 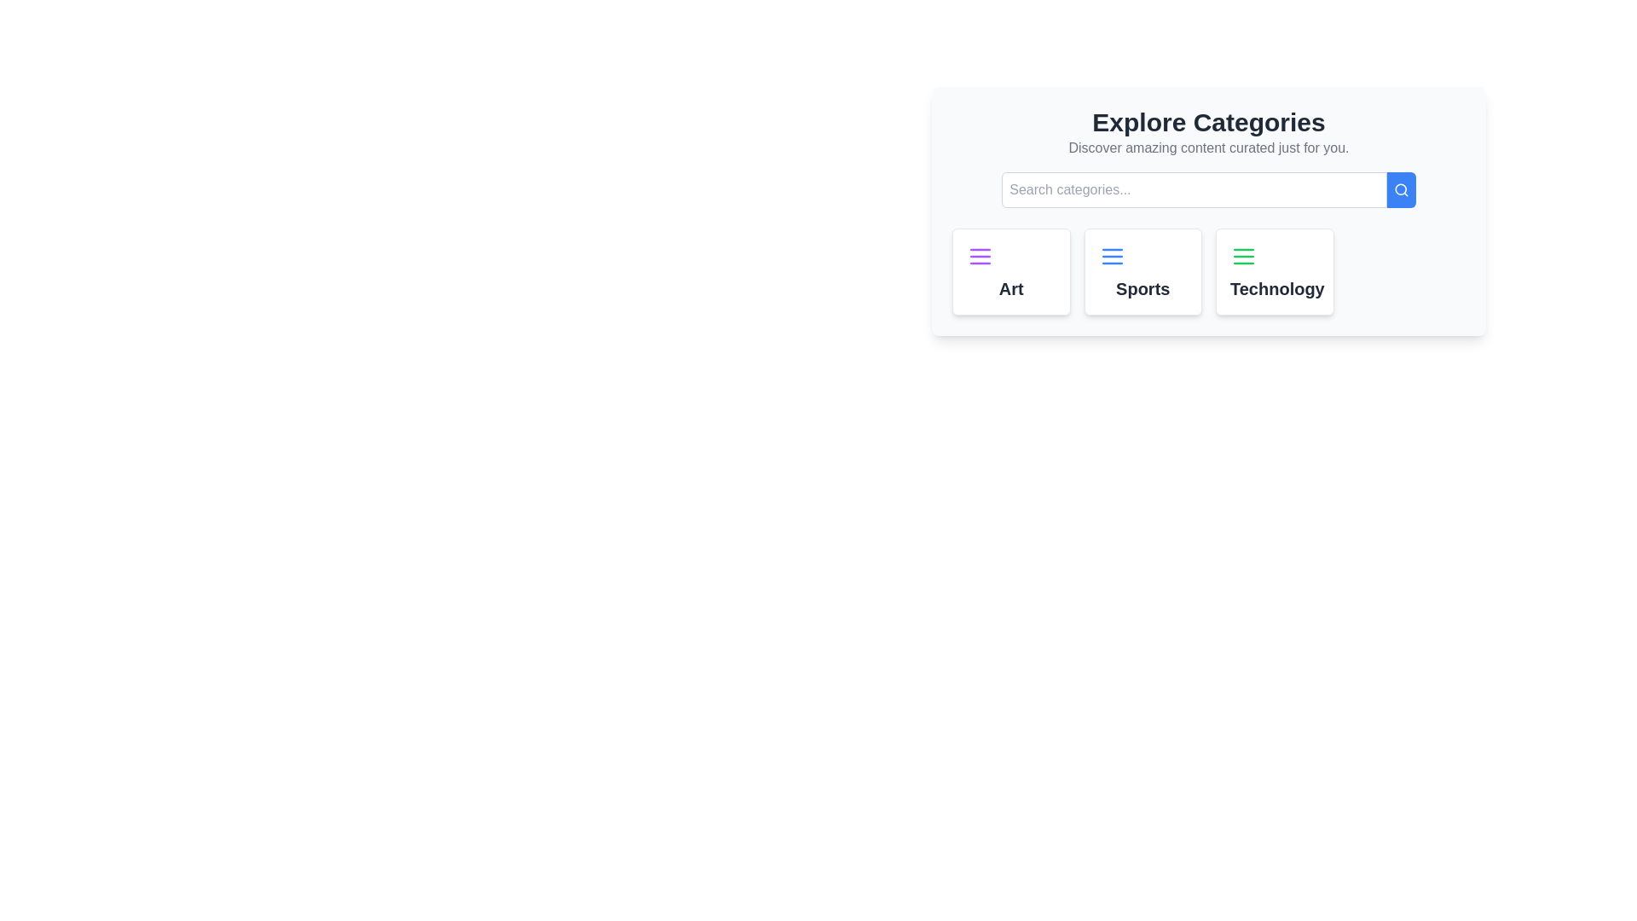 What do you see at coordinates (1275, 271) in the screenshot?
I see `the 'Technology' category card, which is the third card in a grid layout, positioned to the right of the 'Sports' card` at bounding box center [1275, 271].